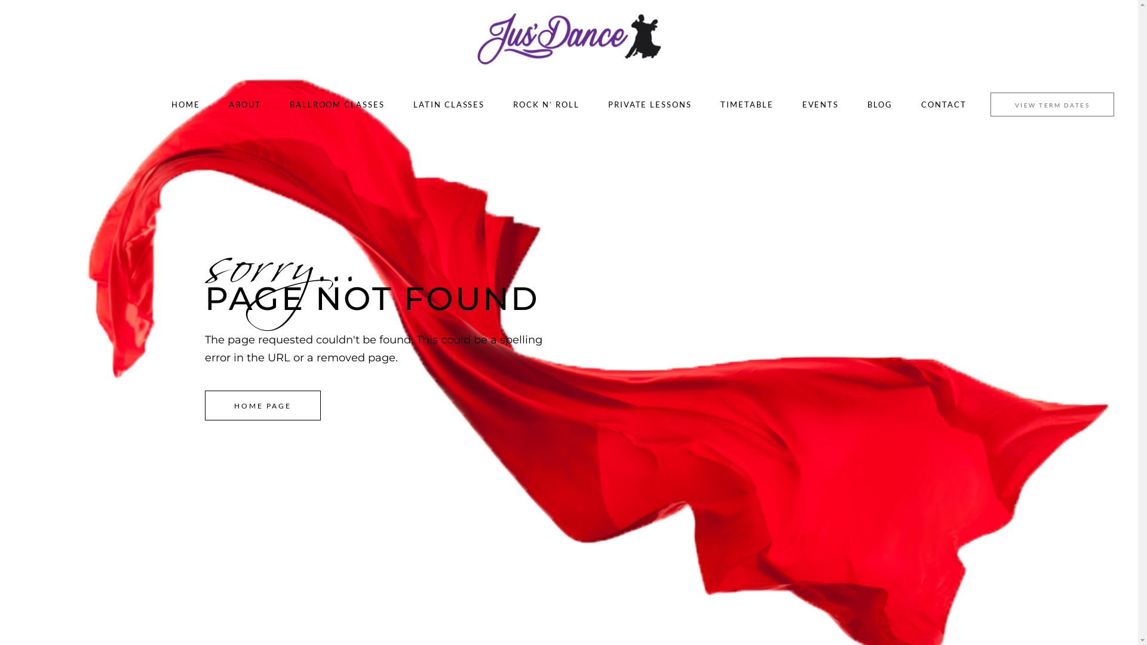 The image size is (1147, 645). I want to click on 'EVENTS', so click(820, 103).